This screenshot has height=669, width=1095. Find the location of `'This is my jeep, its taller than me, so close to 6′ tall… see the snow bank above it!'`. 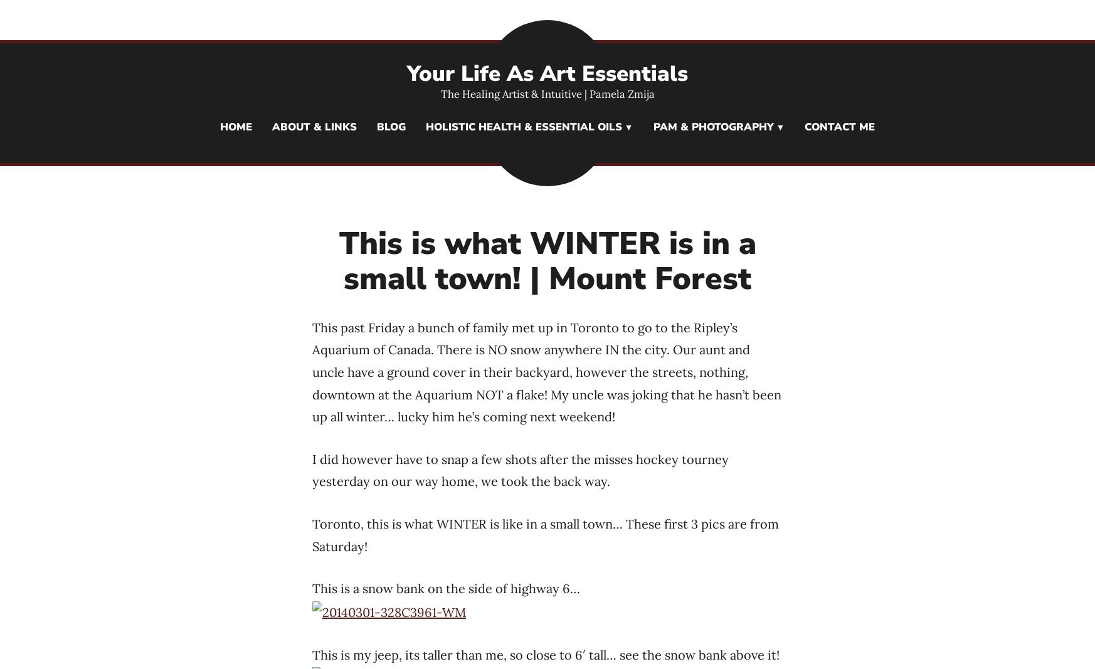

'This is my jeep, its taller than me, so close to 6′ tall… see the snow bank above it!' is located at coordinates (546, 654).